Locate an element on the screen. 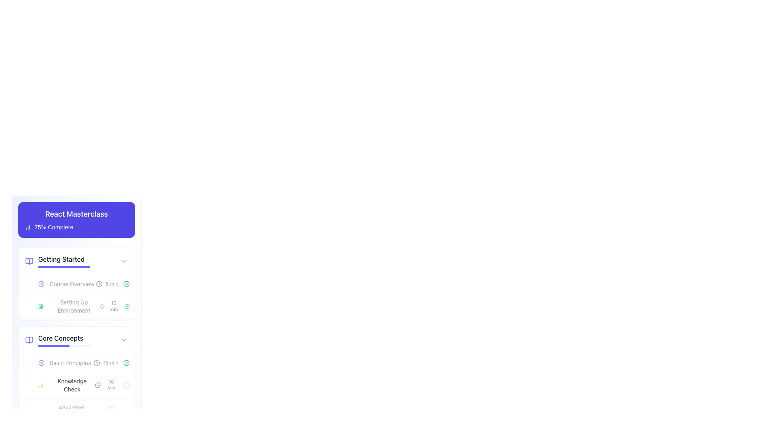  the Circular graphical icon within the 'Knowledge Check' section, which resembles a clock or timer, located to the right of its label is located at coordinates (98, 385).